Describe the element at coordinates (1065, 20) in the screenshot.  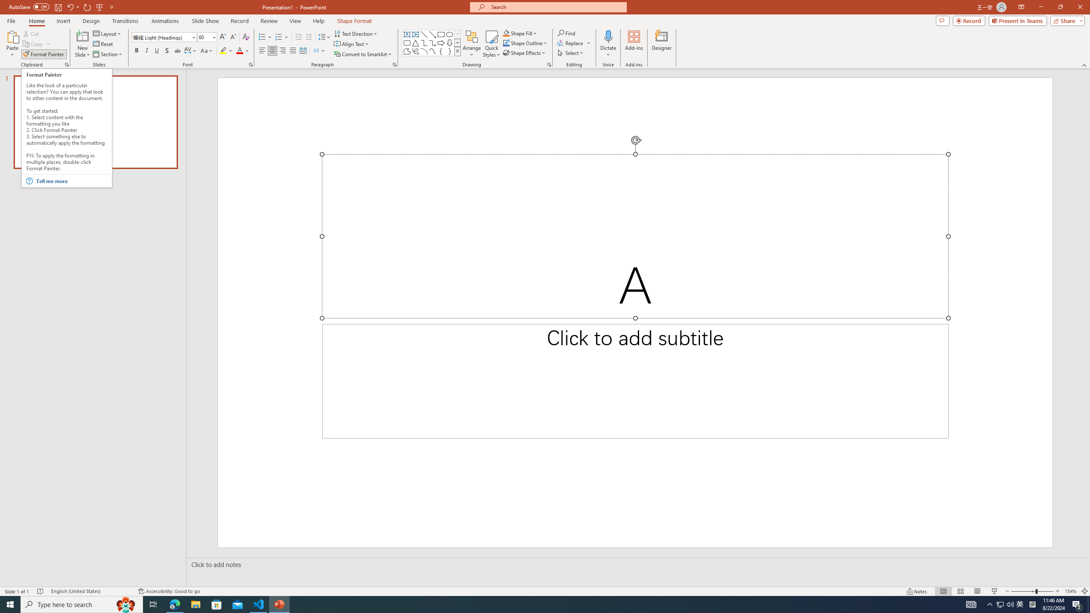
I see `'Share'` at that location.